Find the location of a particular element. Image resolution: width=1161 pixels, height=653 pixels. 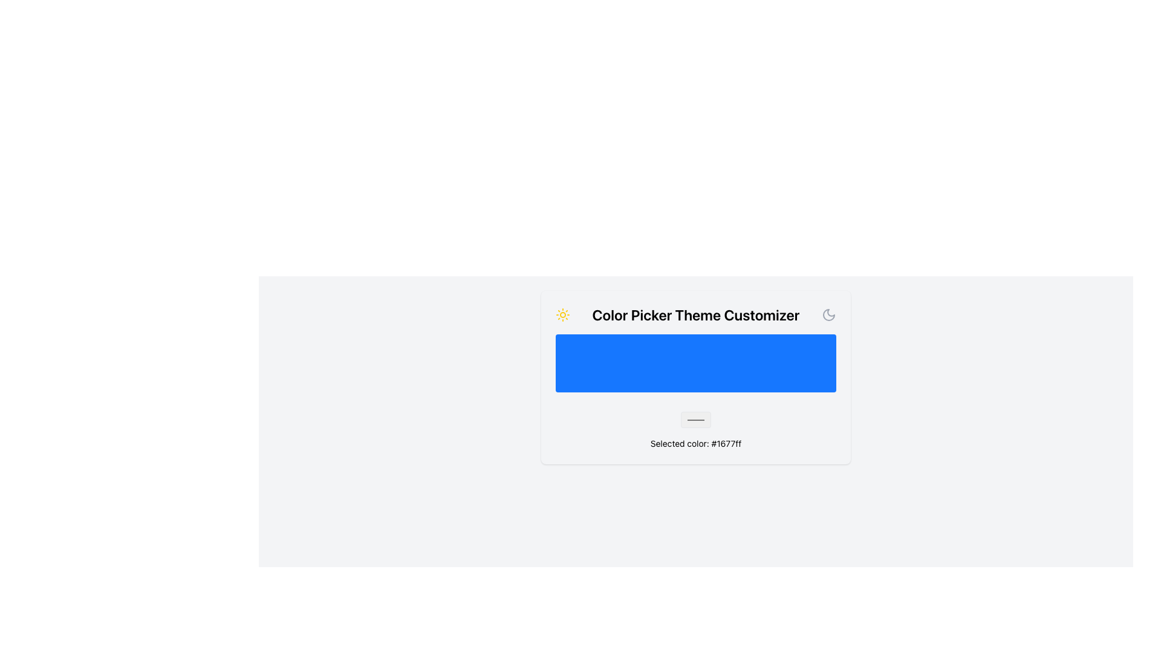

the crescent moon icon, which is styled in gray and located at the top left corner of the 'Color Picker Theme Customizer' UI panel, to the left of the text title is located at coordinates (828, 314).